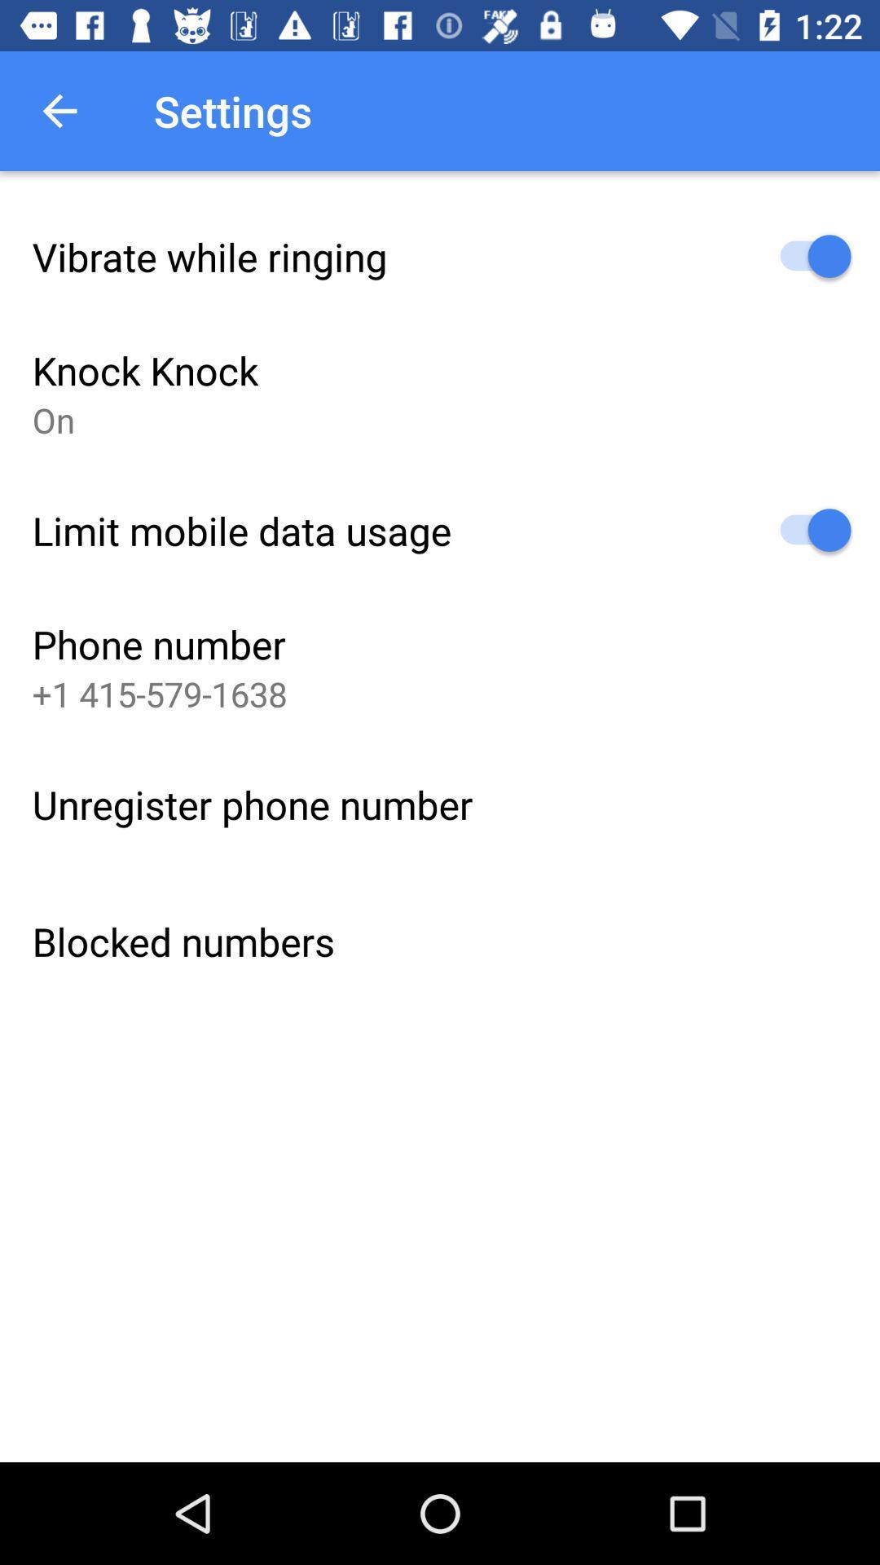 The width and height of the screenshot is (880, 1565). Describe the element at coordinates (59, 110) in the screenshot. I see `the icon to the left of settings item` at that location.